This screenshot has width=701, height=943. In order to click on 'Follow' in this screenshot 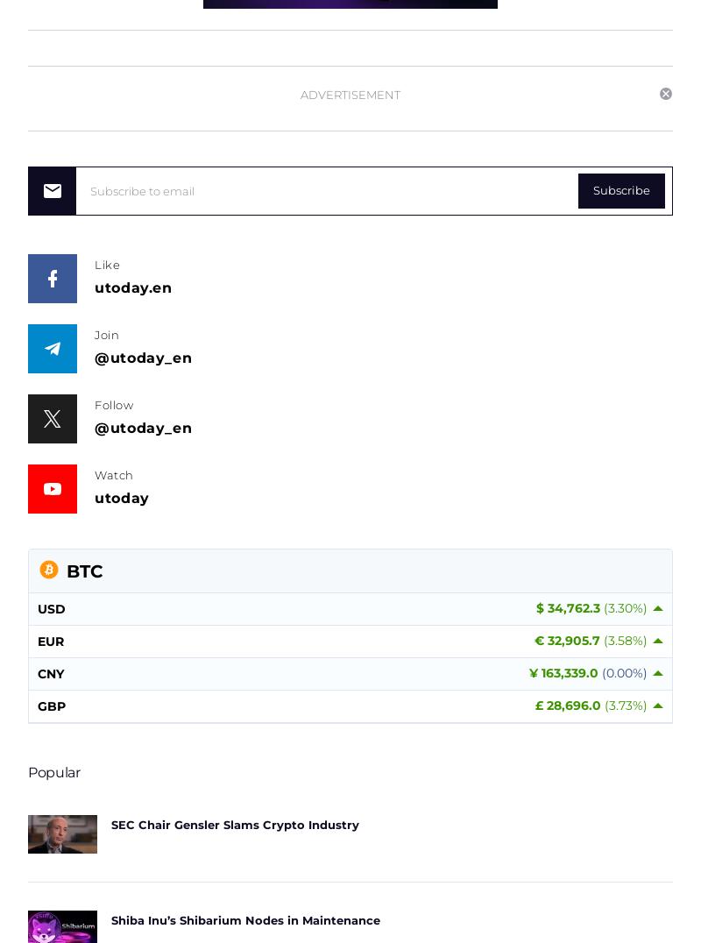, I will do `click(113, 404)`.